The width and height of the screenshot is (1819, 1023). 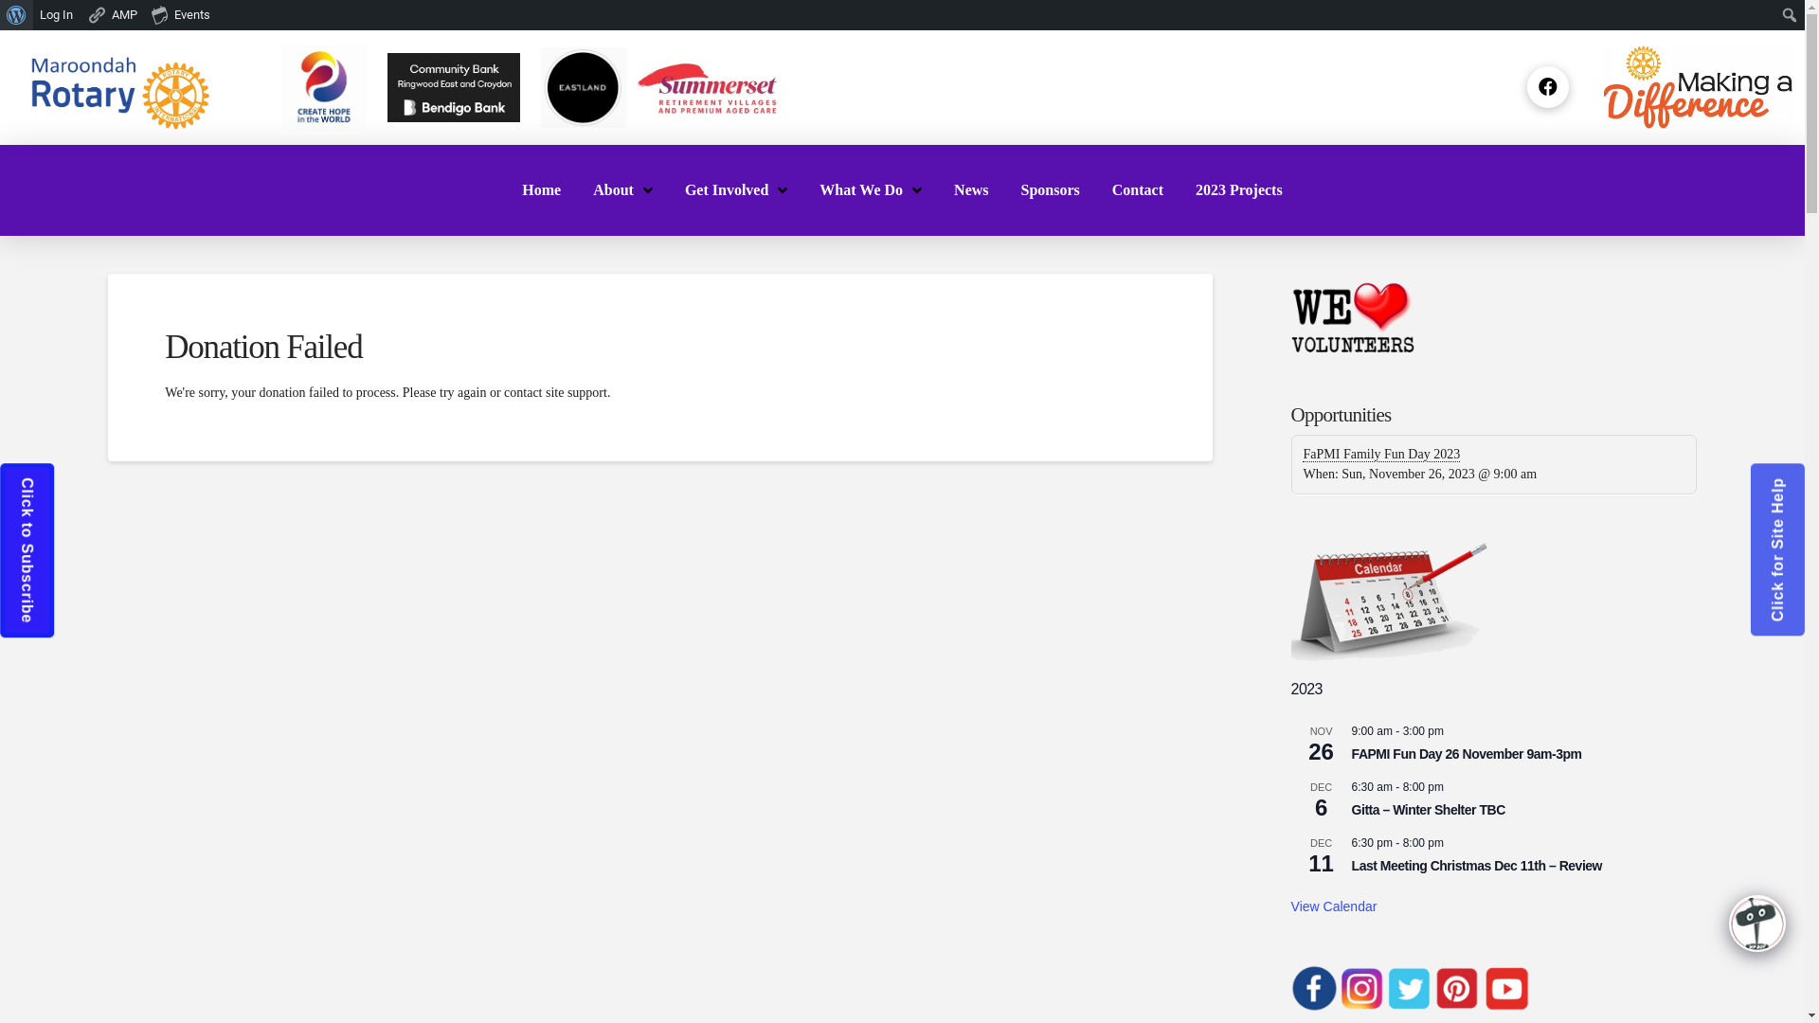 I want to click on 'What We Do', so click(x=869, y=189).